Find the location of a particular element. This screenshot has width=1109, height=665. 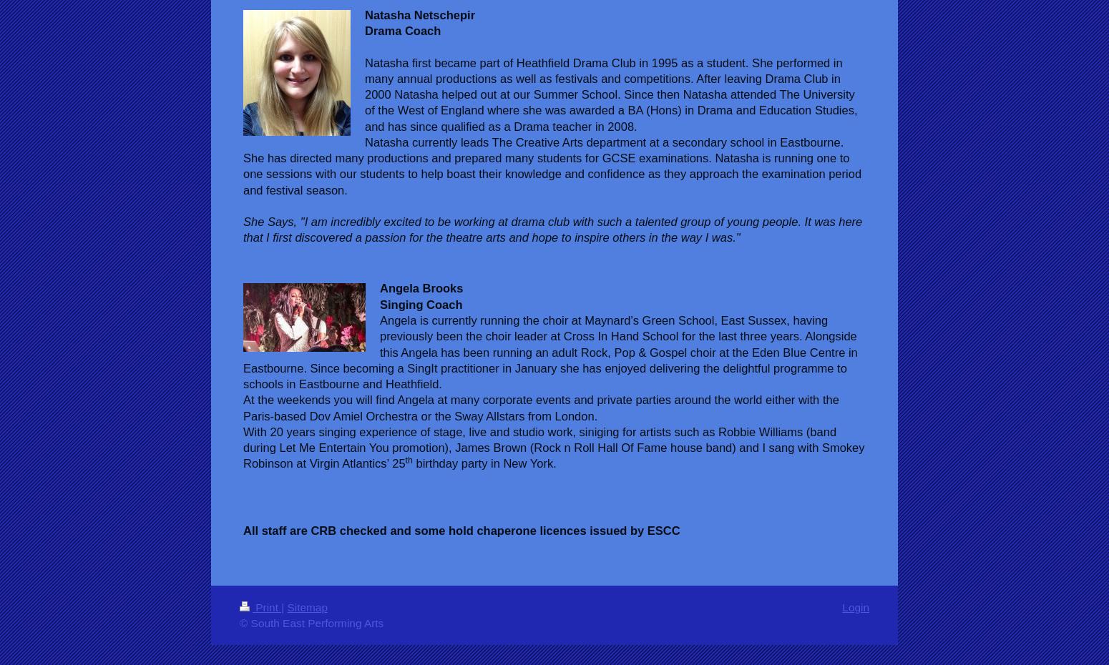

'Drama Coach' is located at coordinates (402, 29).